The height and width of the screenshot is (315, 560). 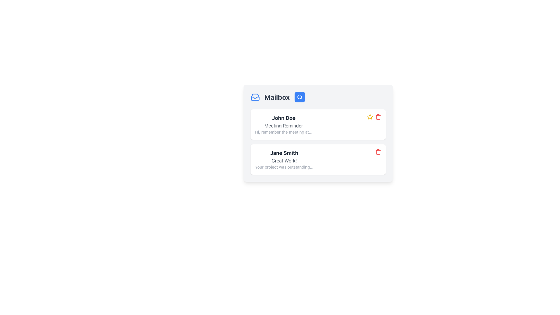 I want to click on the message preview for 'John Doe' which includes the bold name, subtitle 'Meeting Reminder', and description, so click(x=283, y=124).